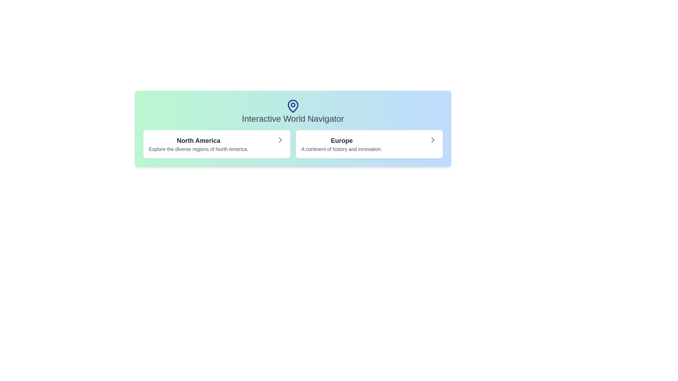  Describe the element at coordinates (432, 140) in the screenshot. I see `the right-facing chevron icon located beside the label 'Europe' within the card` at that location.